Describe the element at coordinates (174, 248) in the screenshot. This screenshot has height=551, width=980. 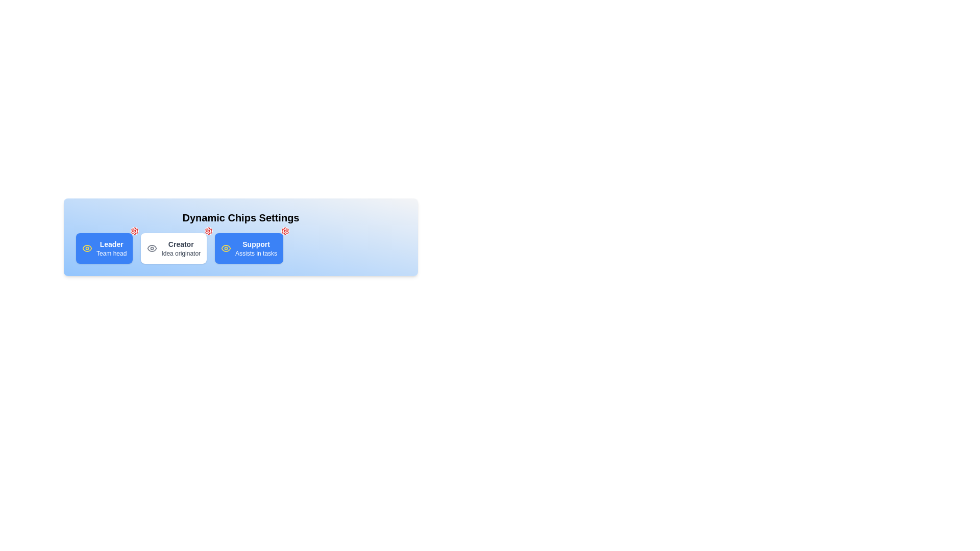
I see `the chip labeled Creator to toggle its active state` at that location.